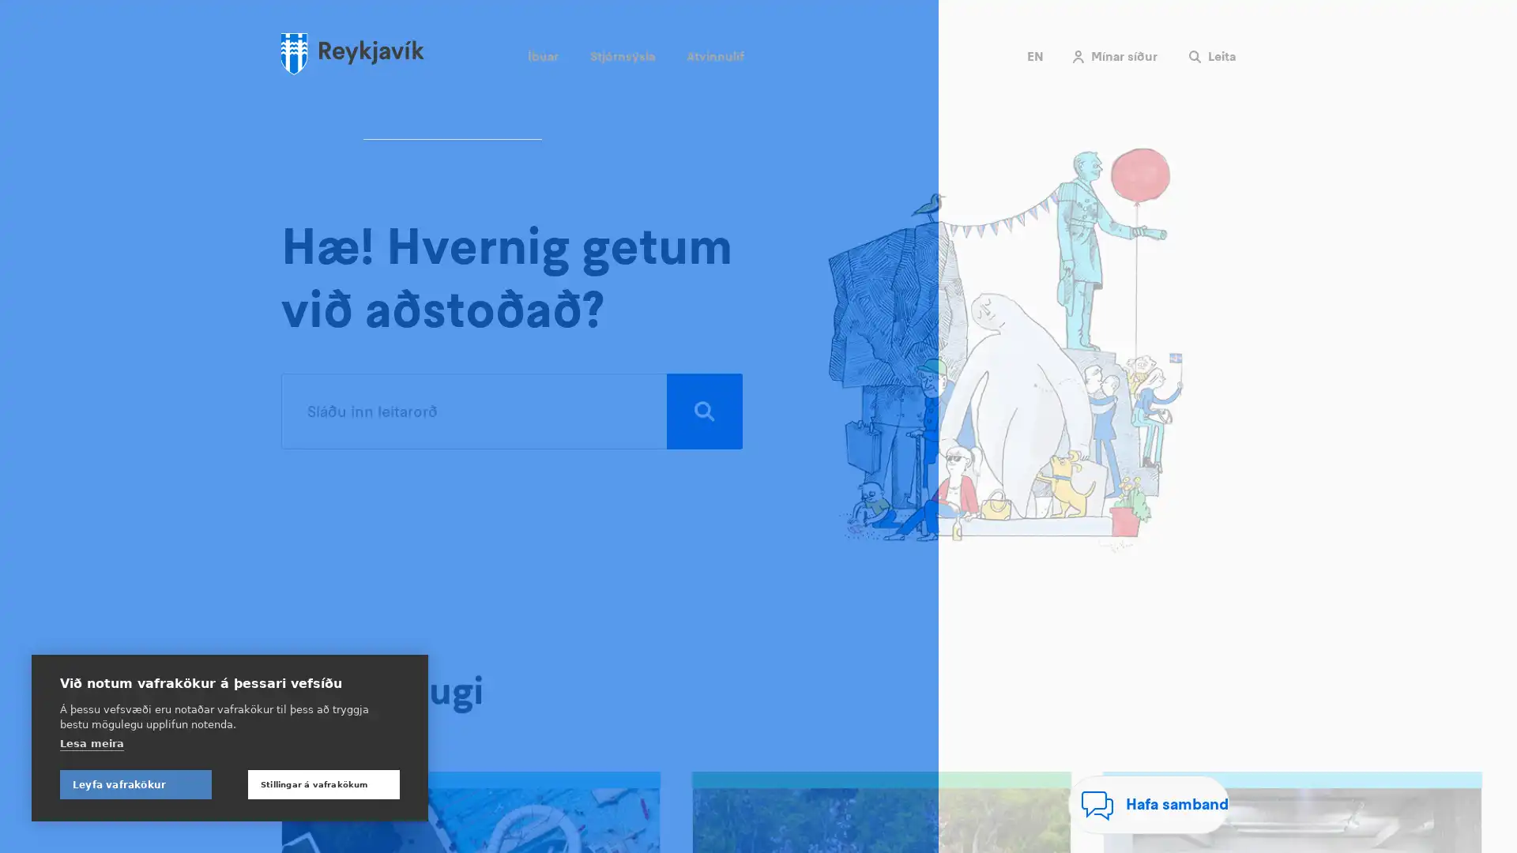 Image resolution: width=1517 pixels, height=853 pixels. What do you see at coordinates (704, 410) in the screenshot?
I see `Leita` at bounding box center [704, 410].